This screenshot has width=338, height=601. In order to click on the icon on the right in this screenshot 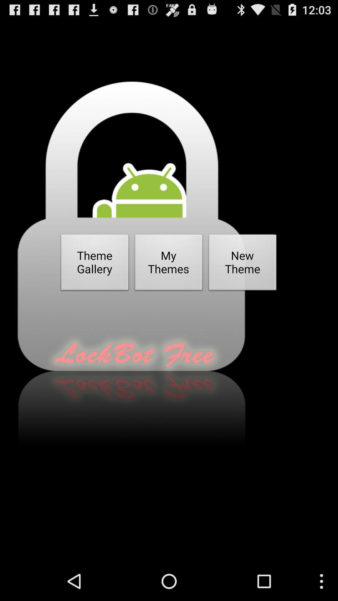, I will do `click(242, 264)`.